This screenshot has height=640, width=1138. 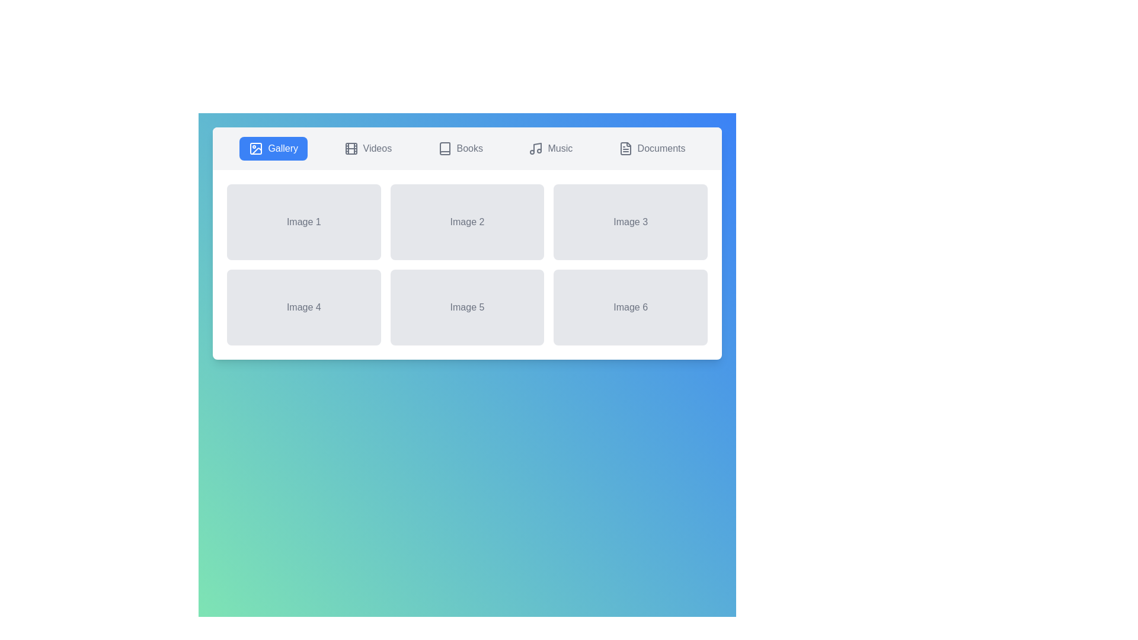 What do you see at coordinates (444, 148) in the screenshot?
I see `the 'Books' button located in the top navigation bar, which contains a line-drawn icon resembling a book` at bounding box center [444, 148].